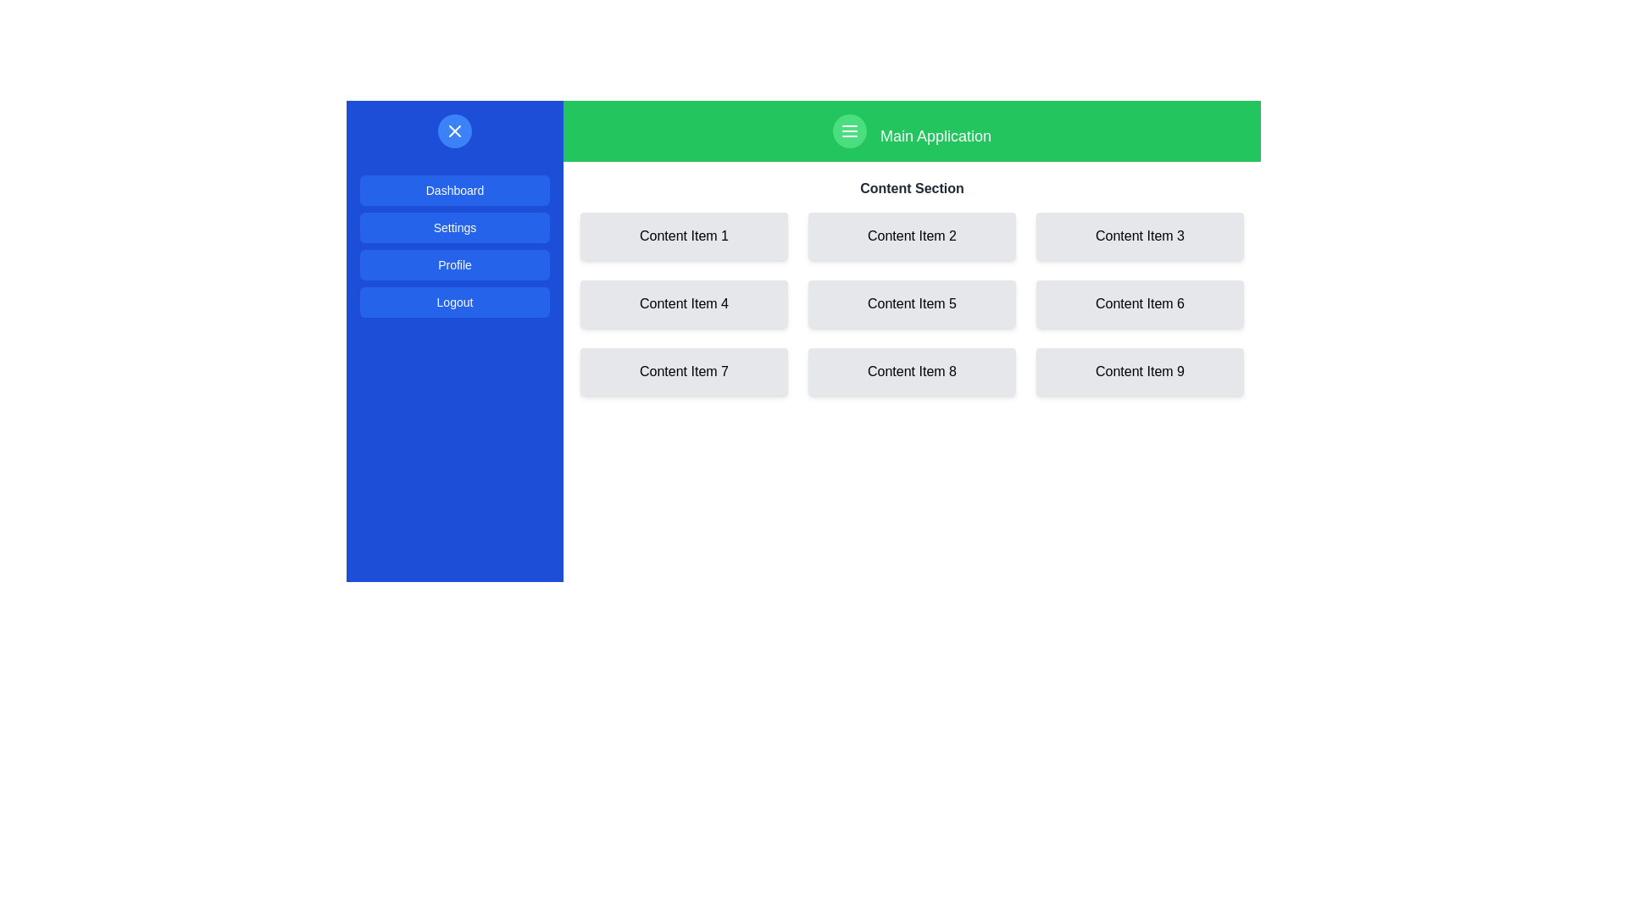  What do you see at coordinates (1140, 371) in the screenshot?
I see `the button labeled 'Content Item 9' located in the third column of the third row of the grid layout` at bounding box center [1140, 371].